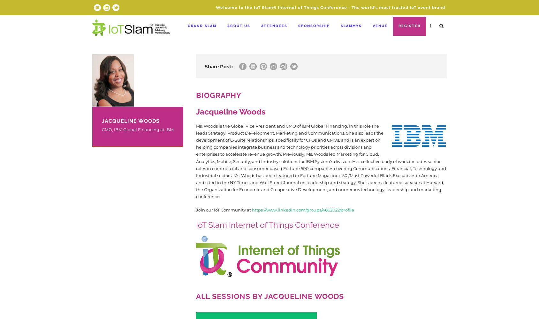  Describe the element at coordinates (137, 130) in the screenshot. I see `'CMO, IBM Global Financing at IBM'` at that location.